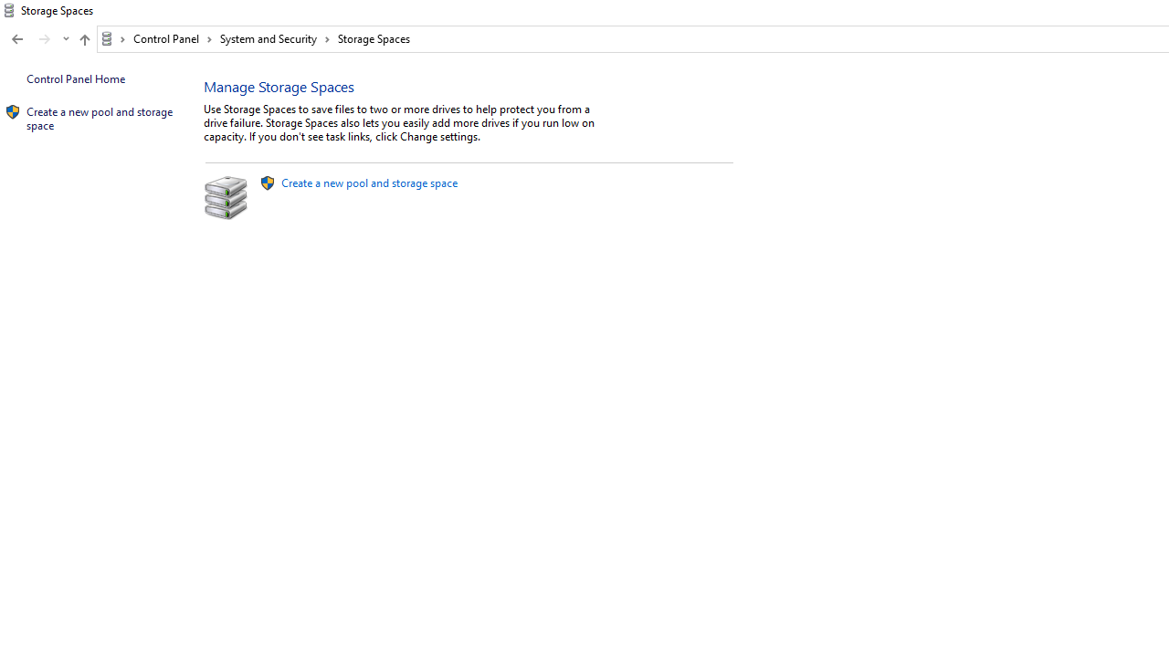  I want to click on 'Up to "System and Security" (Alt + Up Arrow)', so click(83, 39).